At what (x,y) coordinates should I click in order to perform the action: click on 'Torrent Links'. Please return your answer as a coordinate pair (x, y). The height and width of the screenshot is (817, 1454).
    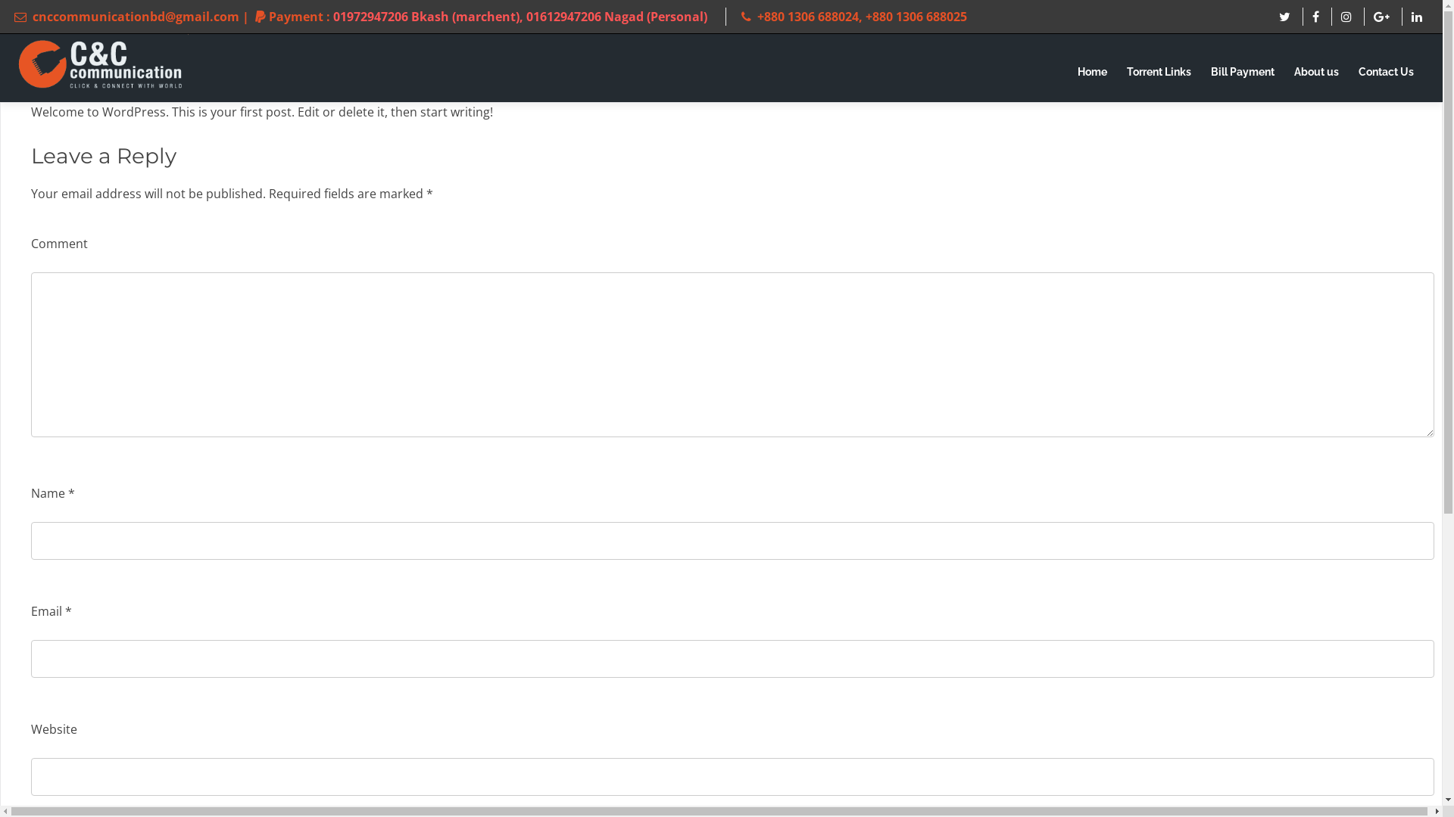
    Looking at the image, I should click on (1120, 72).